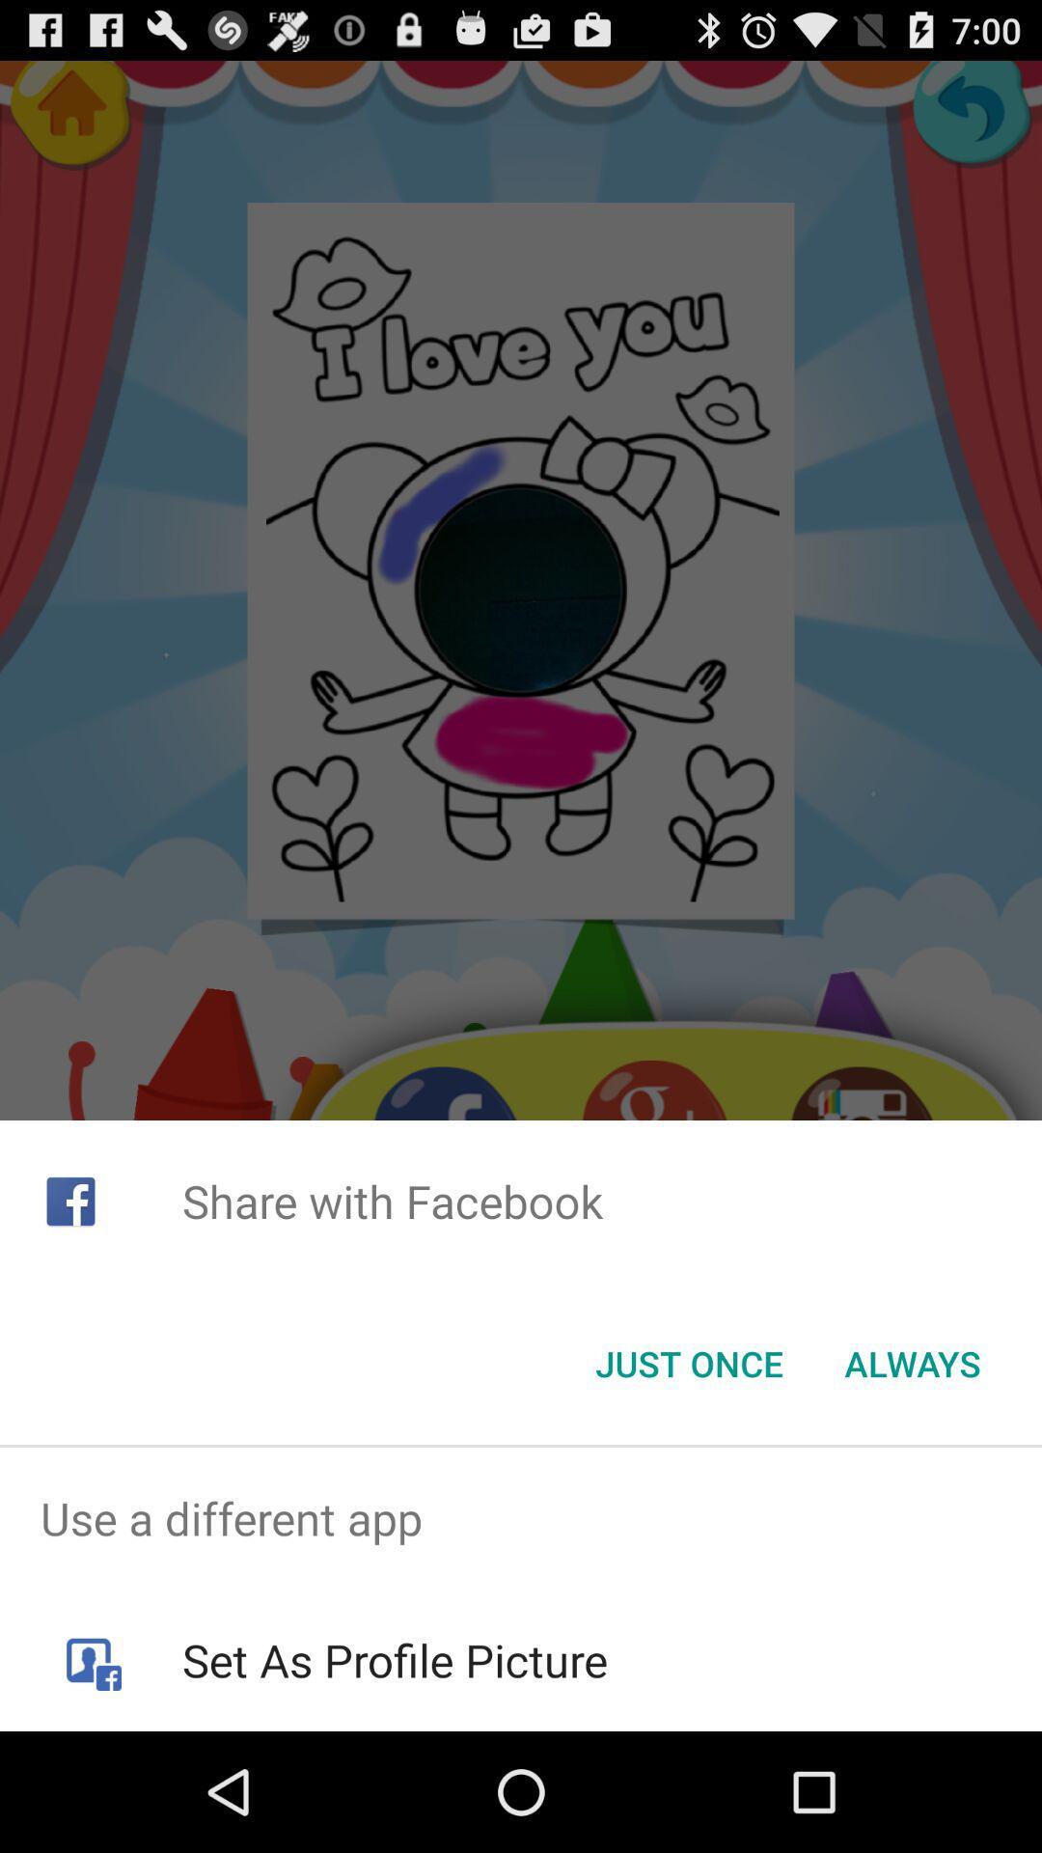  What do you see at coordinates (688, 1362) in the screenshot?
I see `button next to the always icon` at bounding box center [688, 1362].